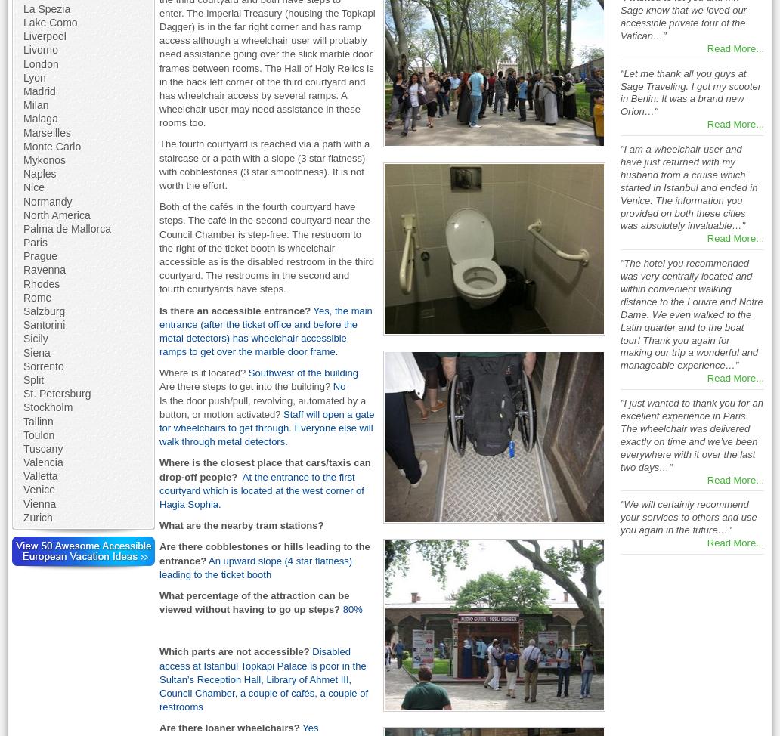  What do you see at coordinates (39, 503) in the screenshot?
I see `'Vienna'` at bounding box center [39, 503].